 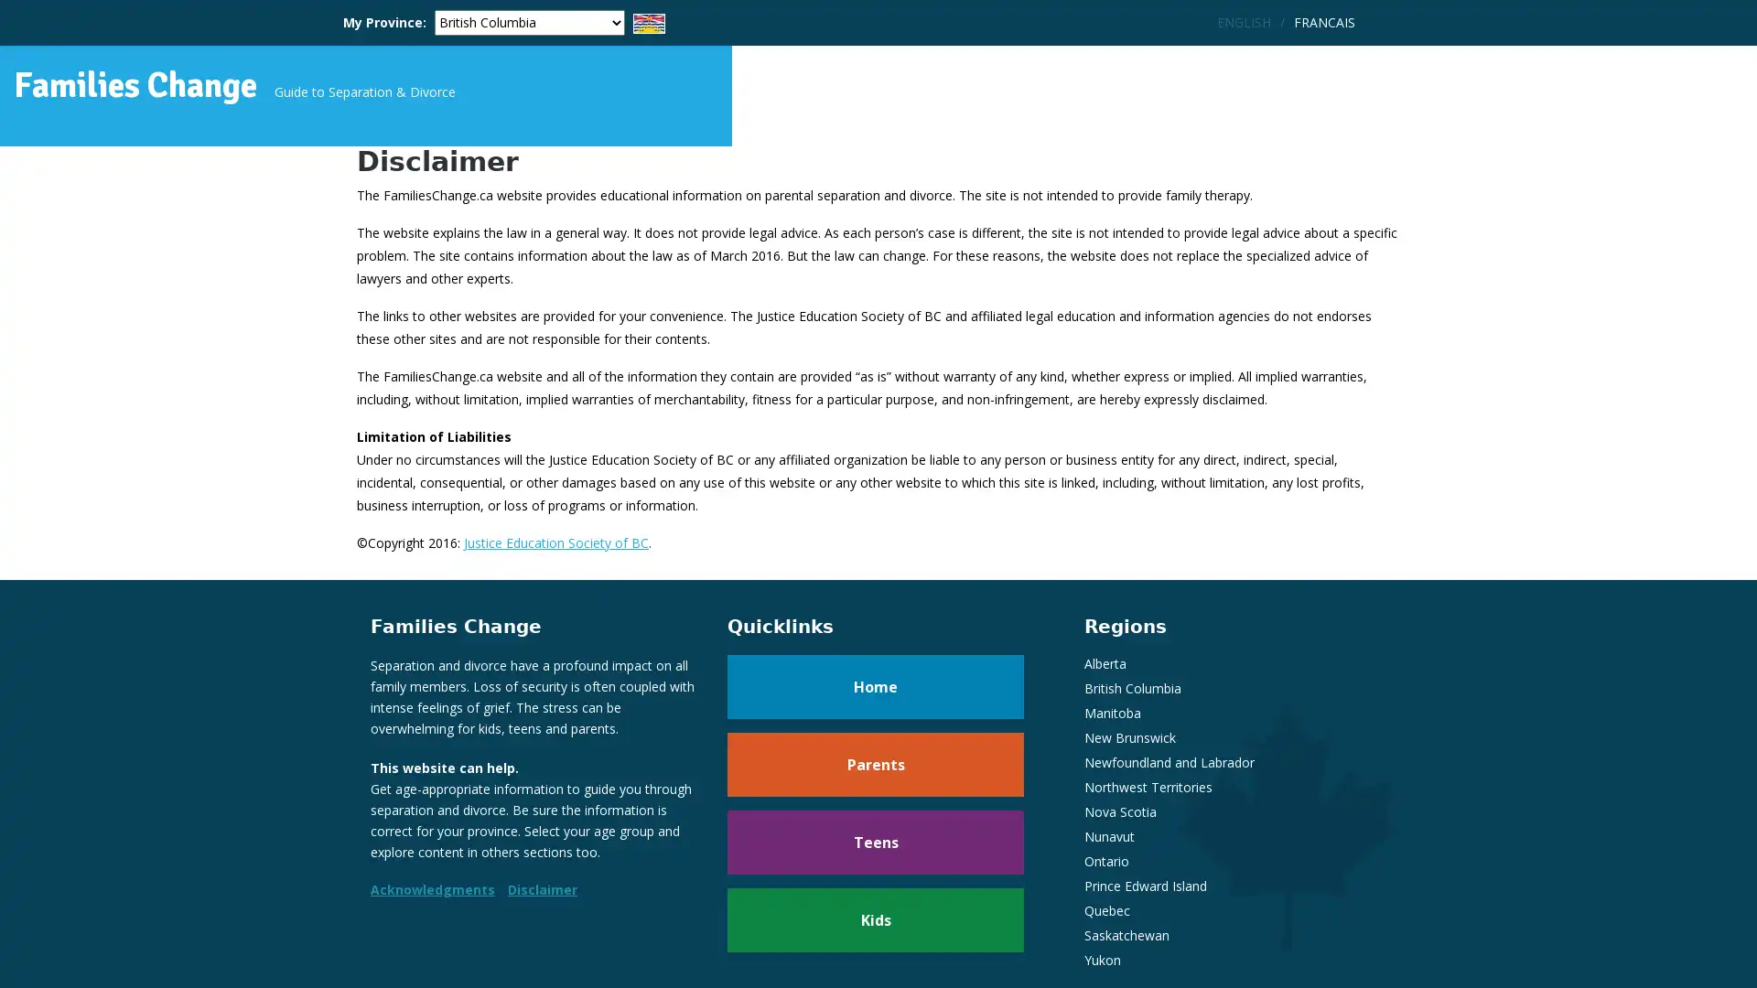 What do you see at coordinates (874, 782) in the screenshot?
I see `Parents` at bounding box center [874, 782].